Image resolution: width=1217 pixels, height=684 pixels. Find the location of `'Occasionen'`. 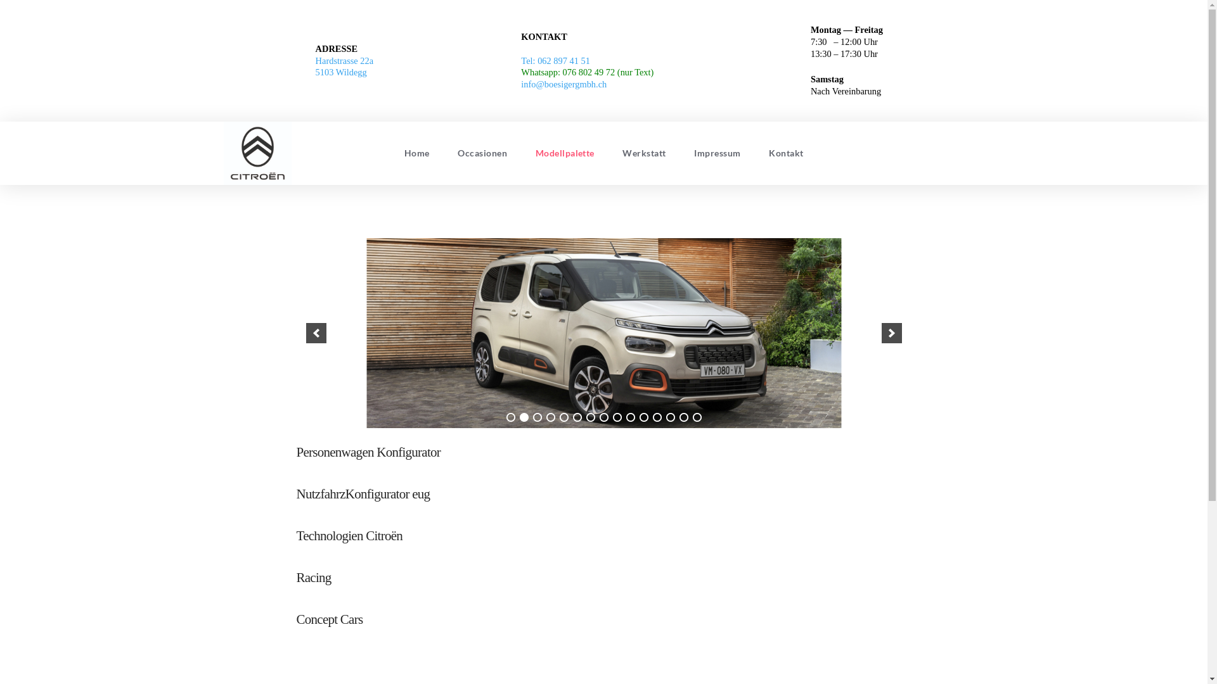

'Occasionen' is located at coordinates (482, 153).